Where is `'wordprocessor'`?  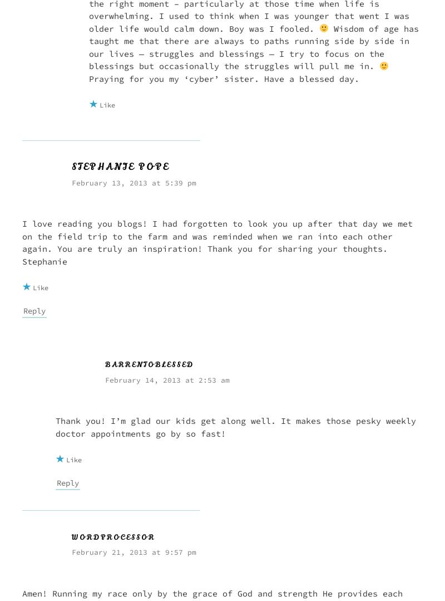 'wordprocessor' is located at coordinates (71, 536).